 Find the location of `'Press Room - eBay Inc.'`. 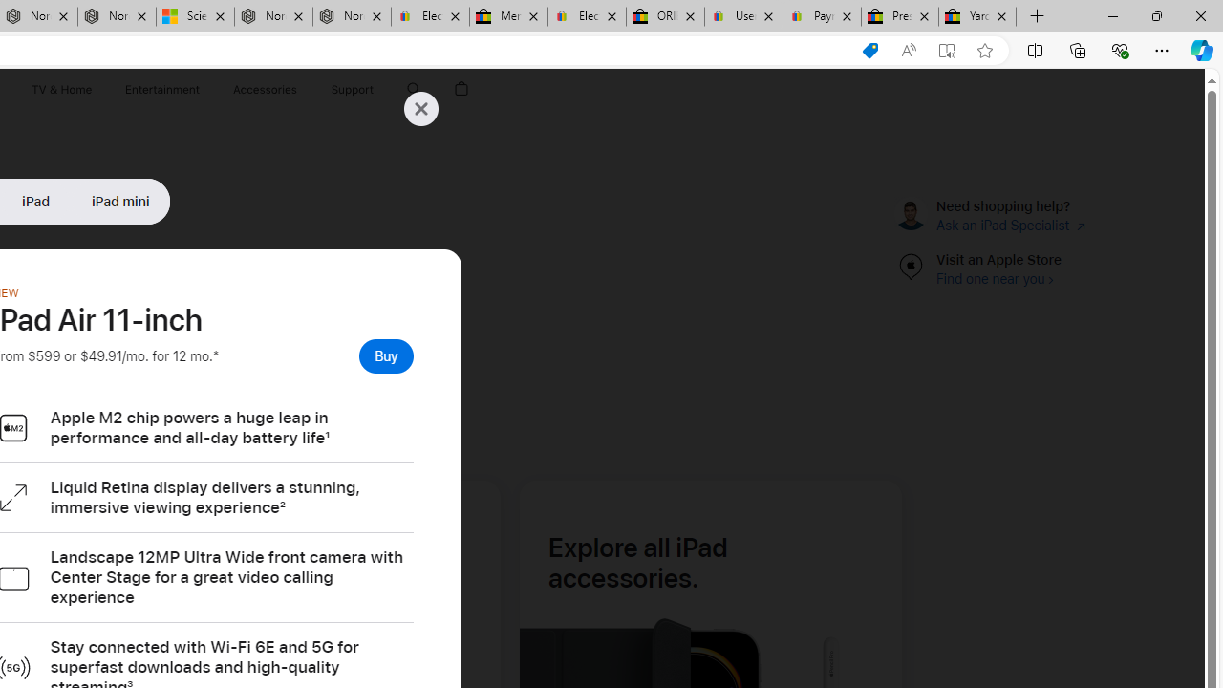

'Press Room - eBay Inc.' is located at coordinates (899, 16).